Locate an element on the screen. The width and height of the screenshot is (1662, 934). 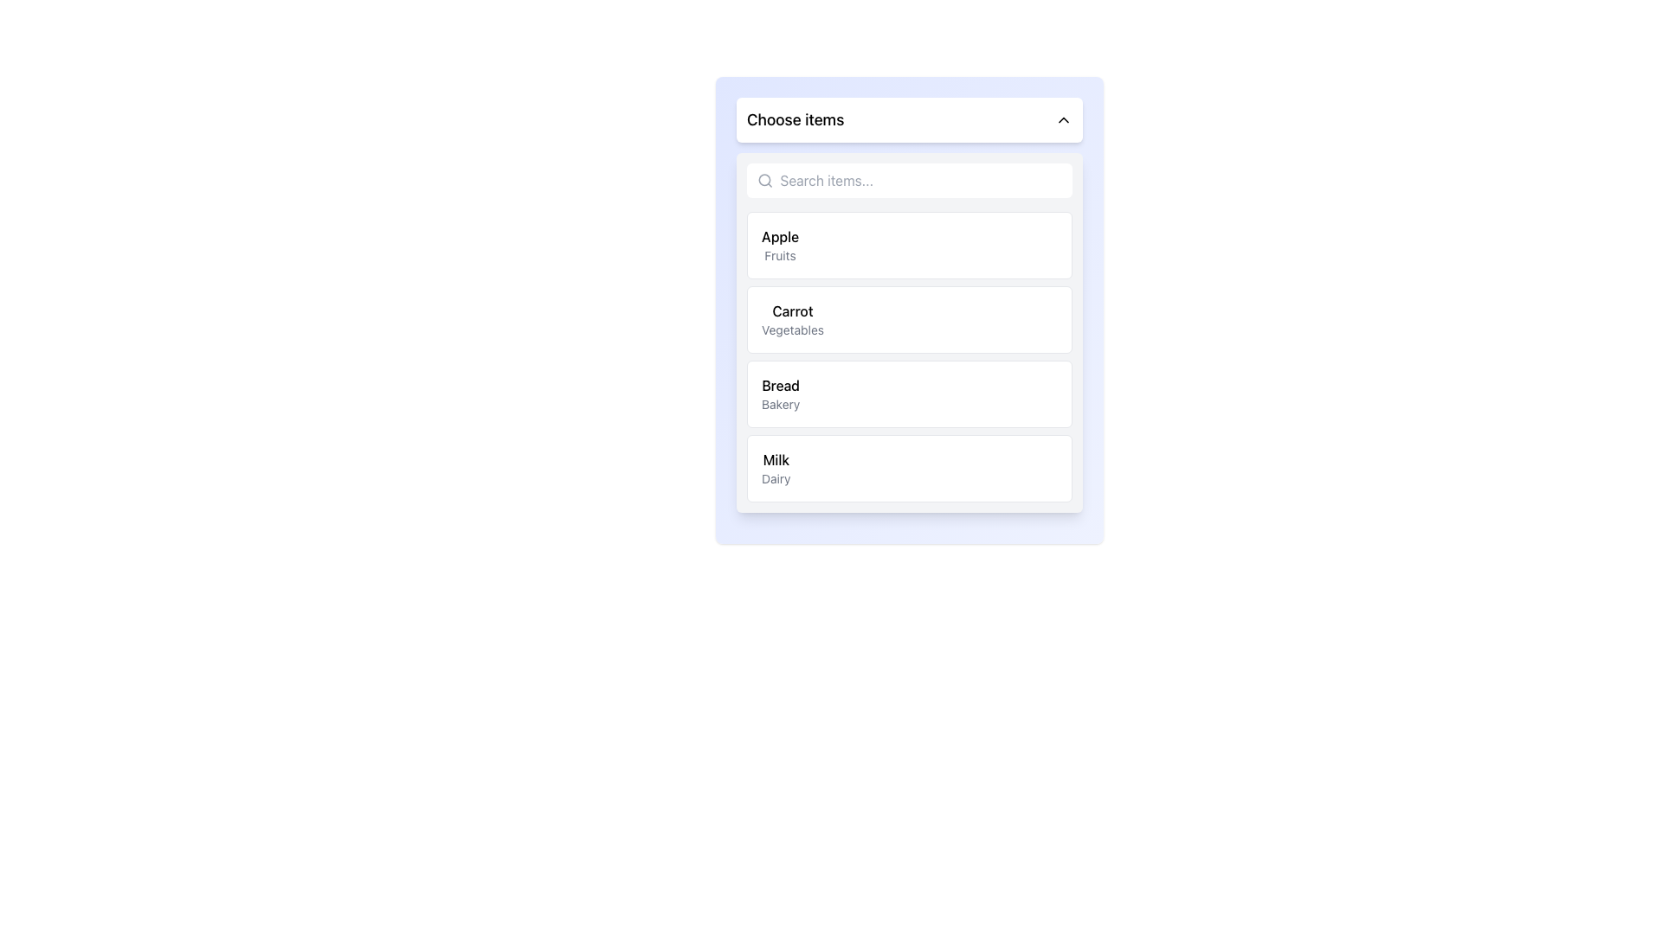
the fourth text label in the vertical list of selectable food categories or products is located at coordinates (775, 469).